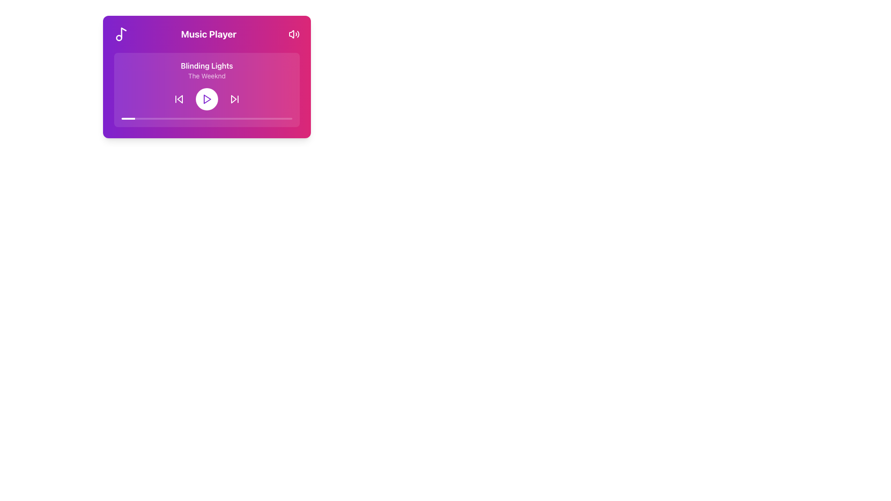 The height and width of the screenshot is (501, 891). I want to click on the speaker icon in the top-right corner of the 'Music Player' interface to mute/unmute the volume, so click(293, 33).